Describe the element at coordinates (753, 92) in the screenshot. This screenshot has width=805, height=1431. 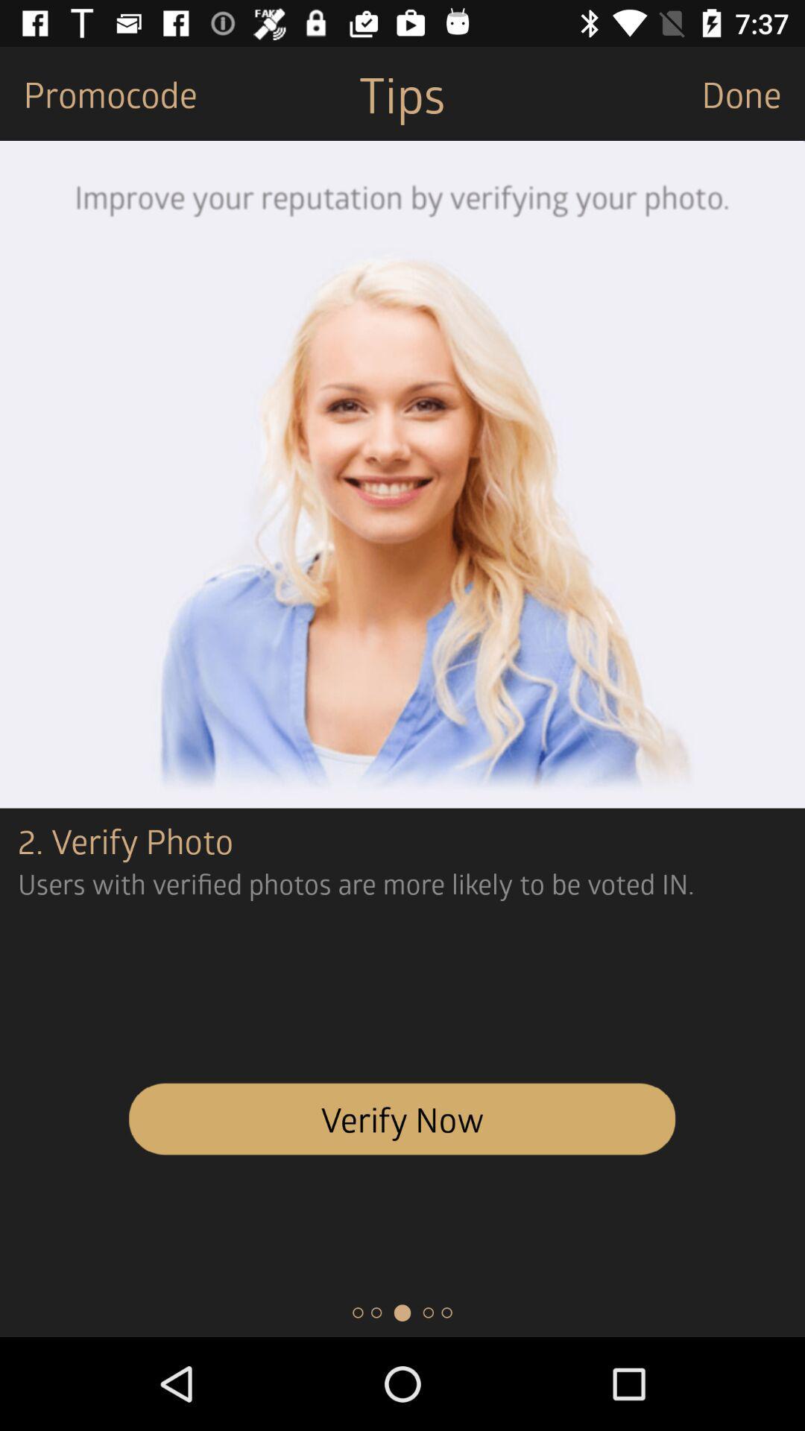
I see `the item next to tips icon` at that location.